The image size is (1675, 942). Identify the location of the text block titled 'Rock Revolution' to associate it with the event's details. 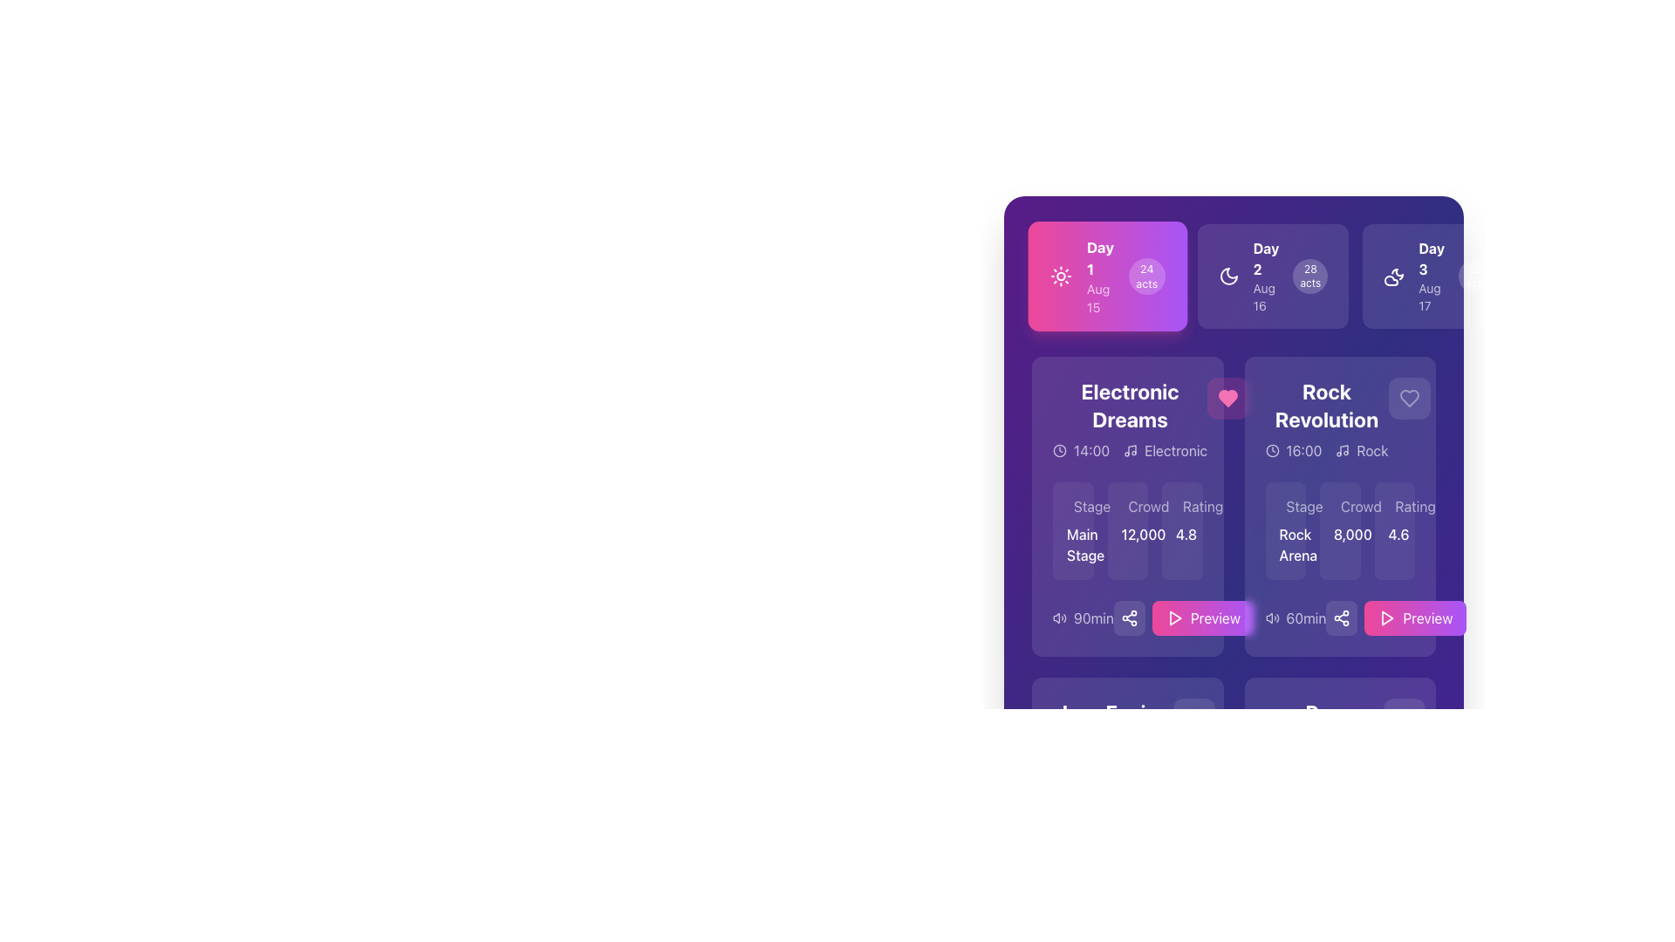
(1339, 420).